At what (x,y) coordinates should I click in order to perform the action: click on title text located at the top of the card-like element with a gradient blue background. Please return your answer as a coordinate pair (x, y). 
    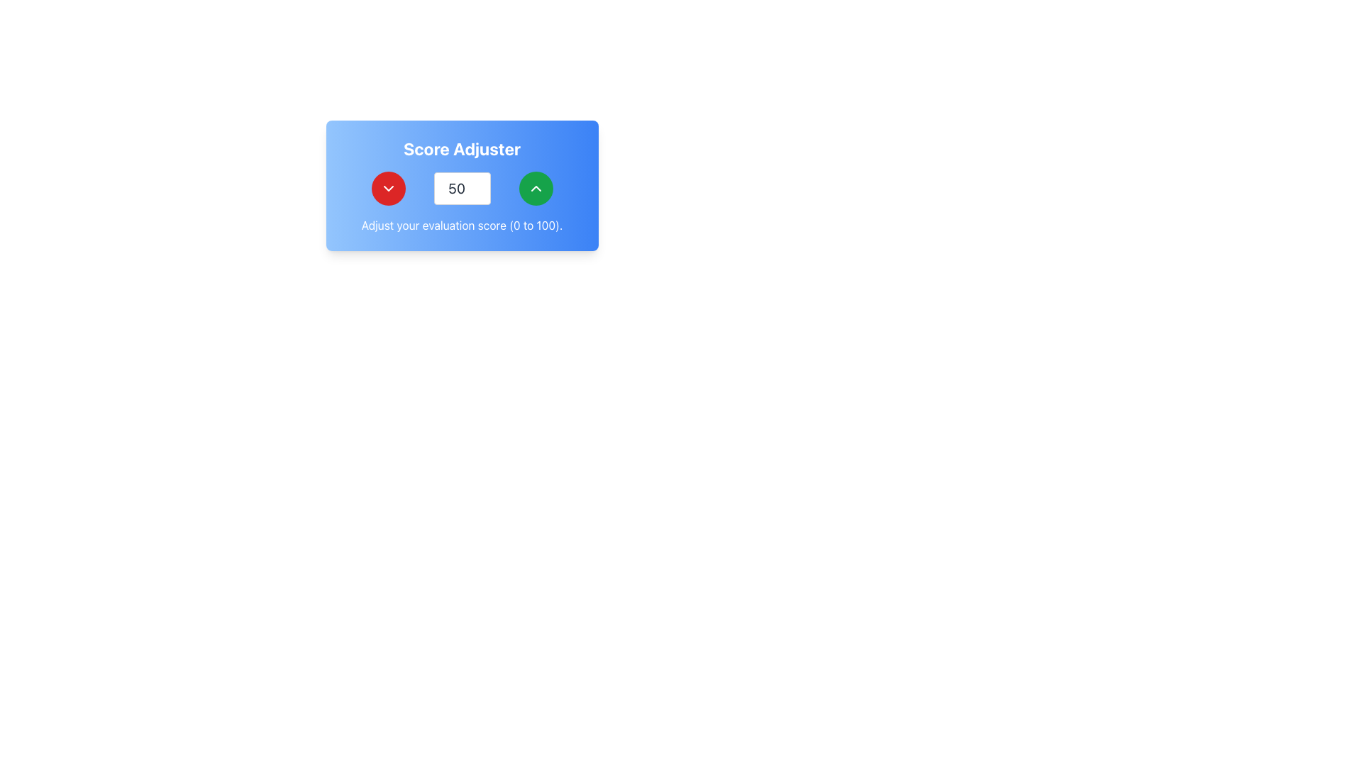
    Looking at the image, I should click on (462, 148).